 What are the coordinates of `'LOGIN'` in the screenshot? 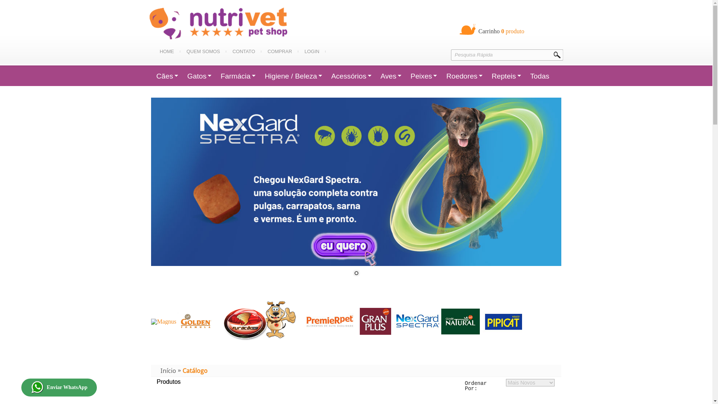 It's located at (315, 51).